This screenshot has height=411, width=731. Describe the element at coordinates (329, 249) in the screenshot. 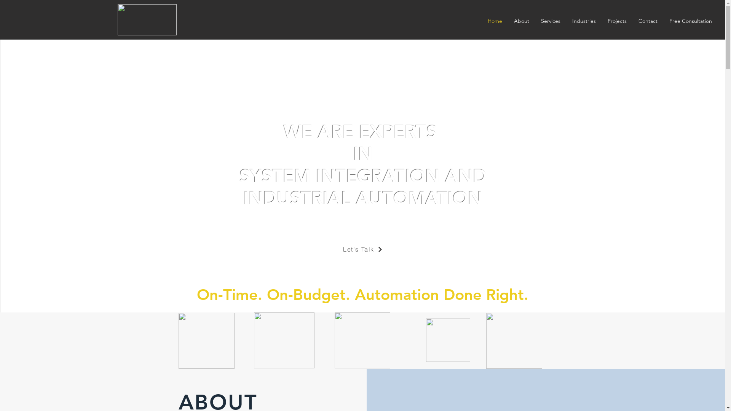

I see `'Let's Talk'` at that location.